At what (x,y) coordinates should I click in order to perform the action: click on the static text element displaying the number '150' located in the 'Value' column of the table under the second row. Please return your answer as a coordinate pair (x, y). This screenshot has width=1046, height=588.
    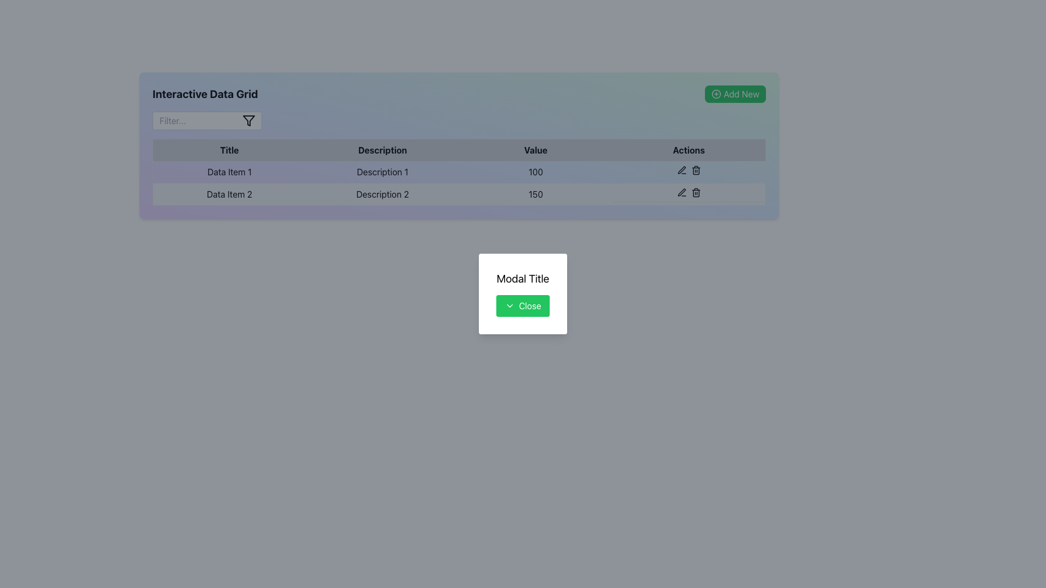
    Looking at the image, I should click on (536, 194).